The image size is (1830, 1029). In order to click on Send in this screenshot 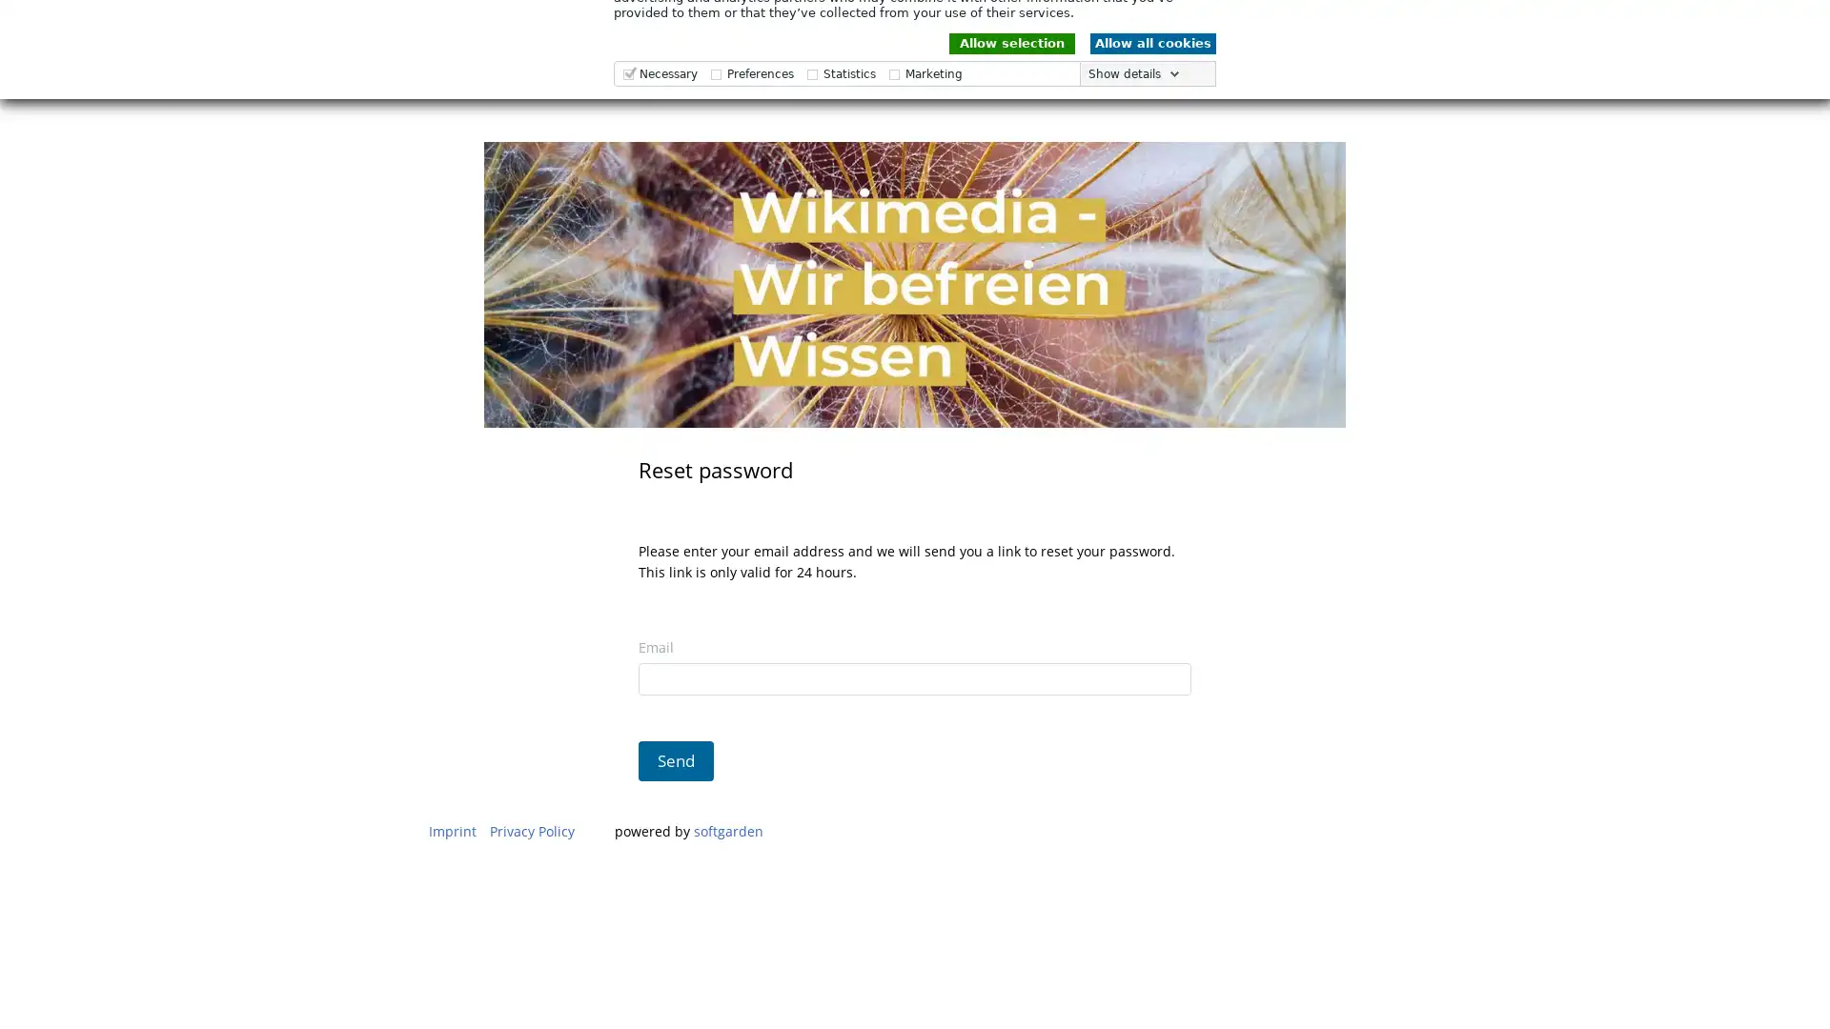, I will do `click(676, 825)`.